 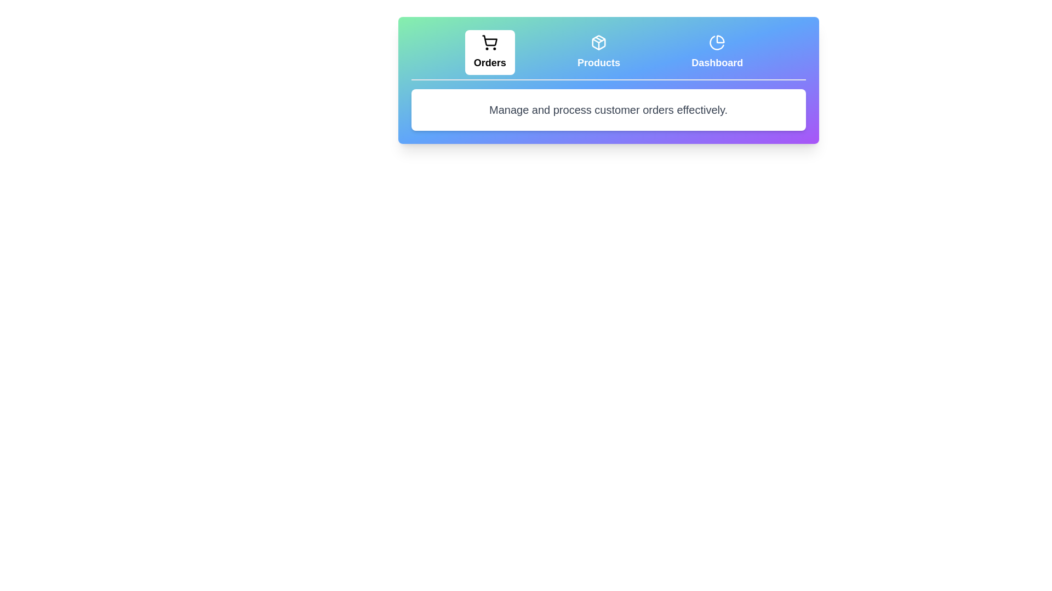 I want to click on the Orders tab to view its content, so click(x=489, y=53).